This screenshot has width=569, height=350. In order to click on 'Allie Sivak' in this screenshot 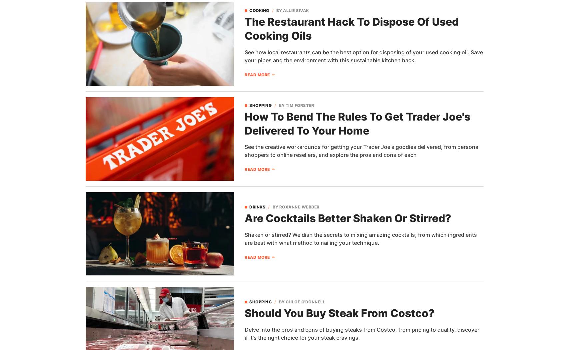, I will do `click(295, 10)`.